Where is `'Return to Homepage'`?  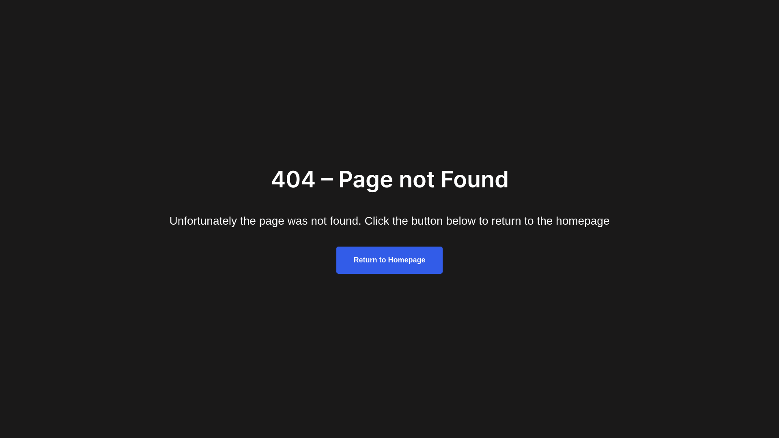
'Return to Homepage' is located at coordinates (389, 260).